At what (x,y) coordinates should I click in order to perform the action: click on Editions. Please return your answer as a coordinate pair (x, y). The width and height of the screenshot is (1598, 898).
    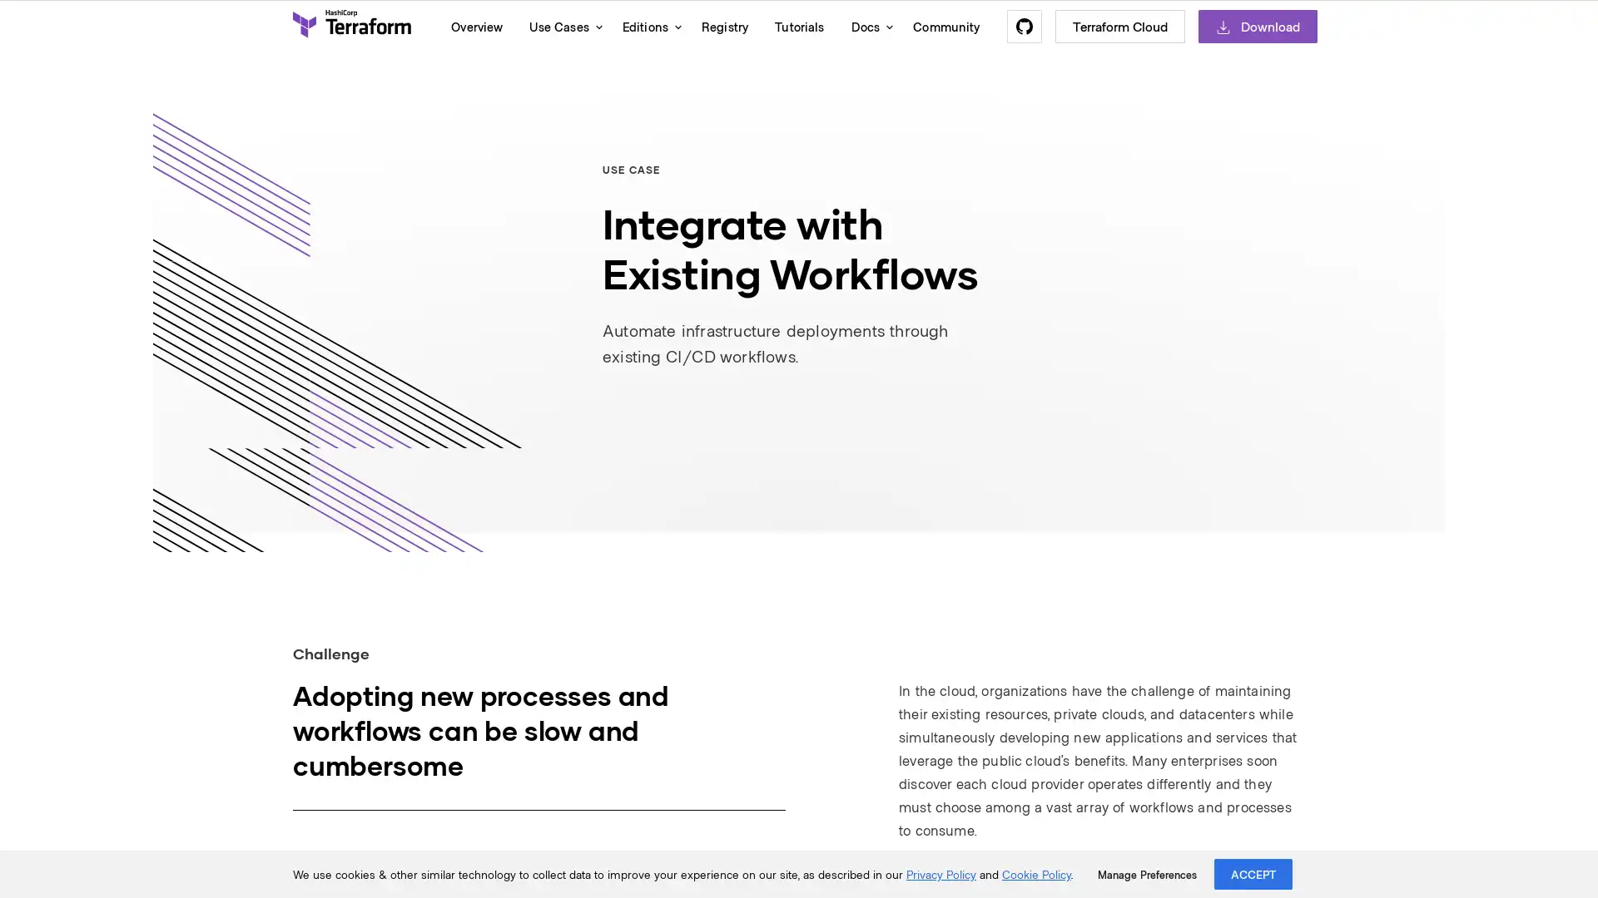
    Looking at the image, I should click on (647, 26).